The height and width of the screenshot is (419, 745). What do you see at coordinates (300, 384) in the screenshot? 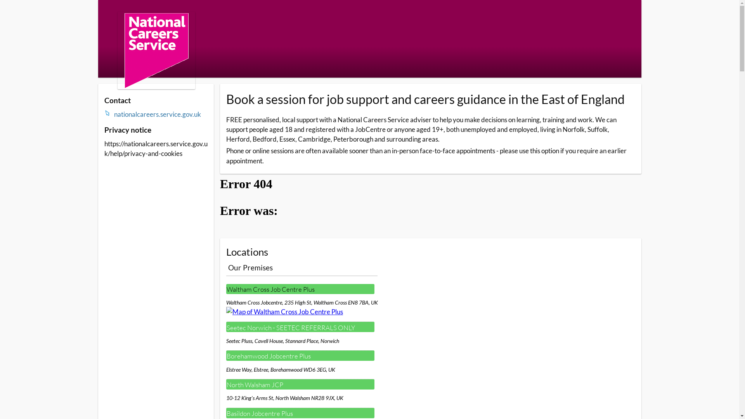
I see `'North Walsham JCP'` at bounding box center [300, 384].